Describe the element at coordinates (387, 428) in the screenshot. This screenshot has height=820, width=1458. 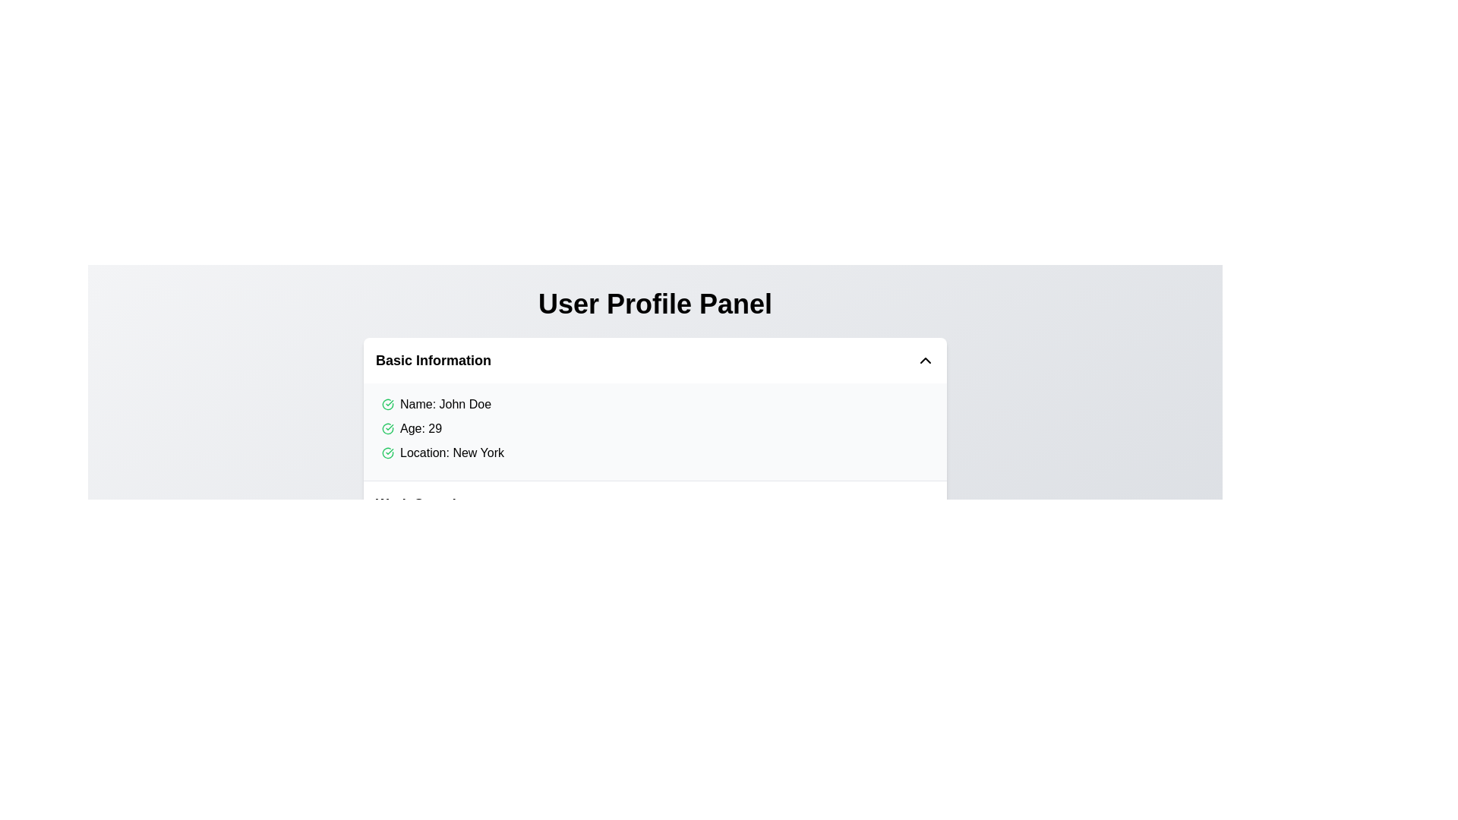
I see `the circular checkmark icon with a green outline located next to the text 'Age: 29' in the 'Basic Information' section` at that location.